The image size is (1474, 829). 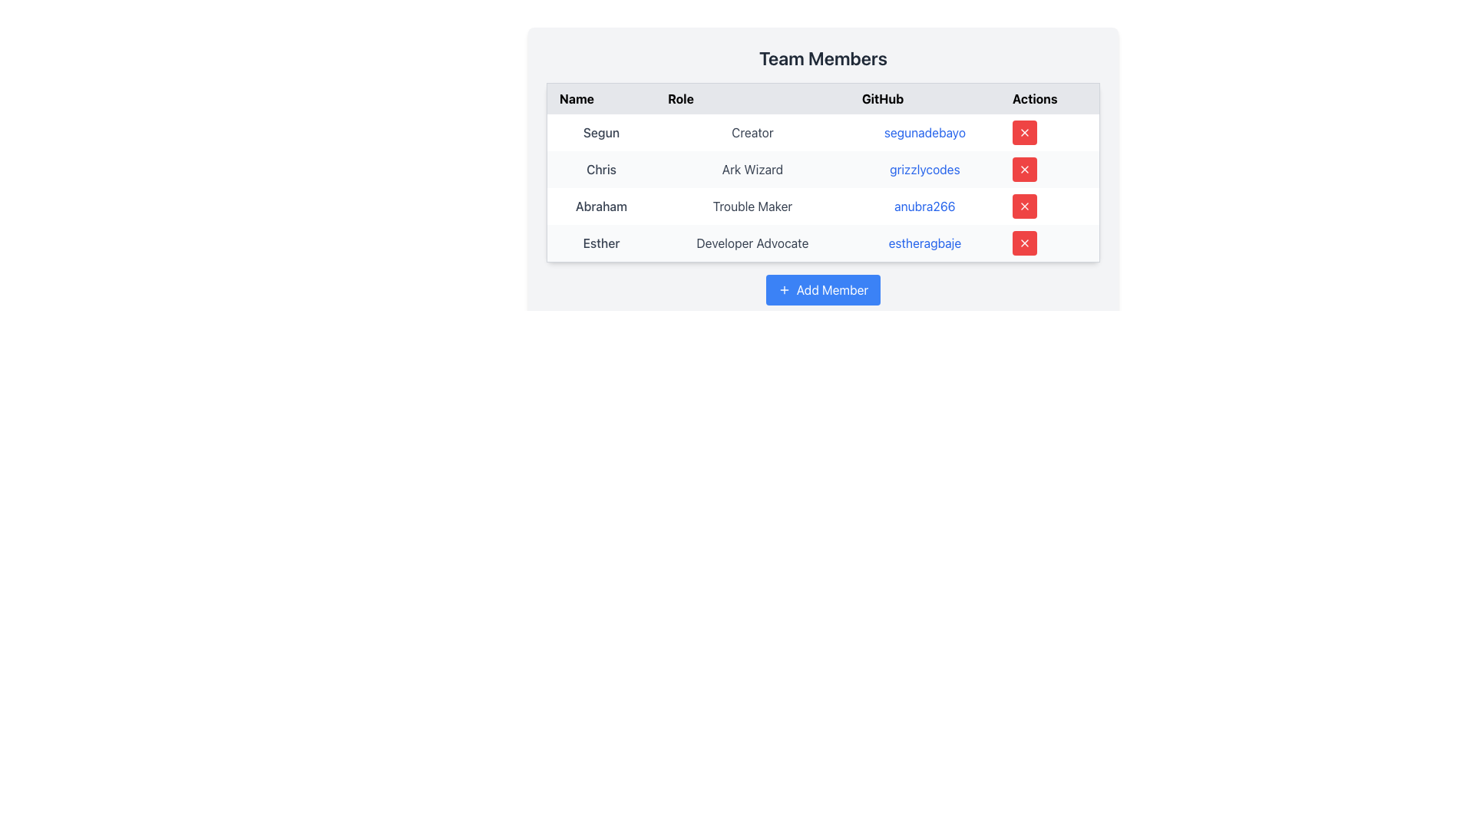 I want to click on the delete button in the 'Actions' column associated with the entry for the GitHub handle 'grizzlycodes', so click(x=1024, y=169).